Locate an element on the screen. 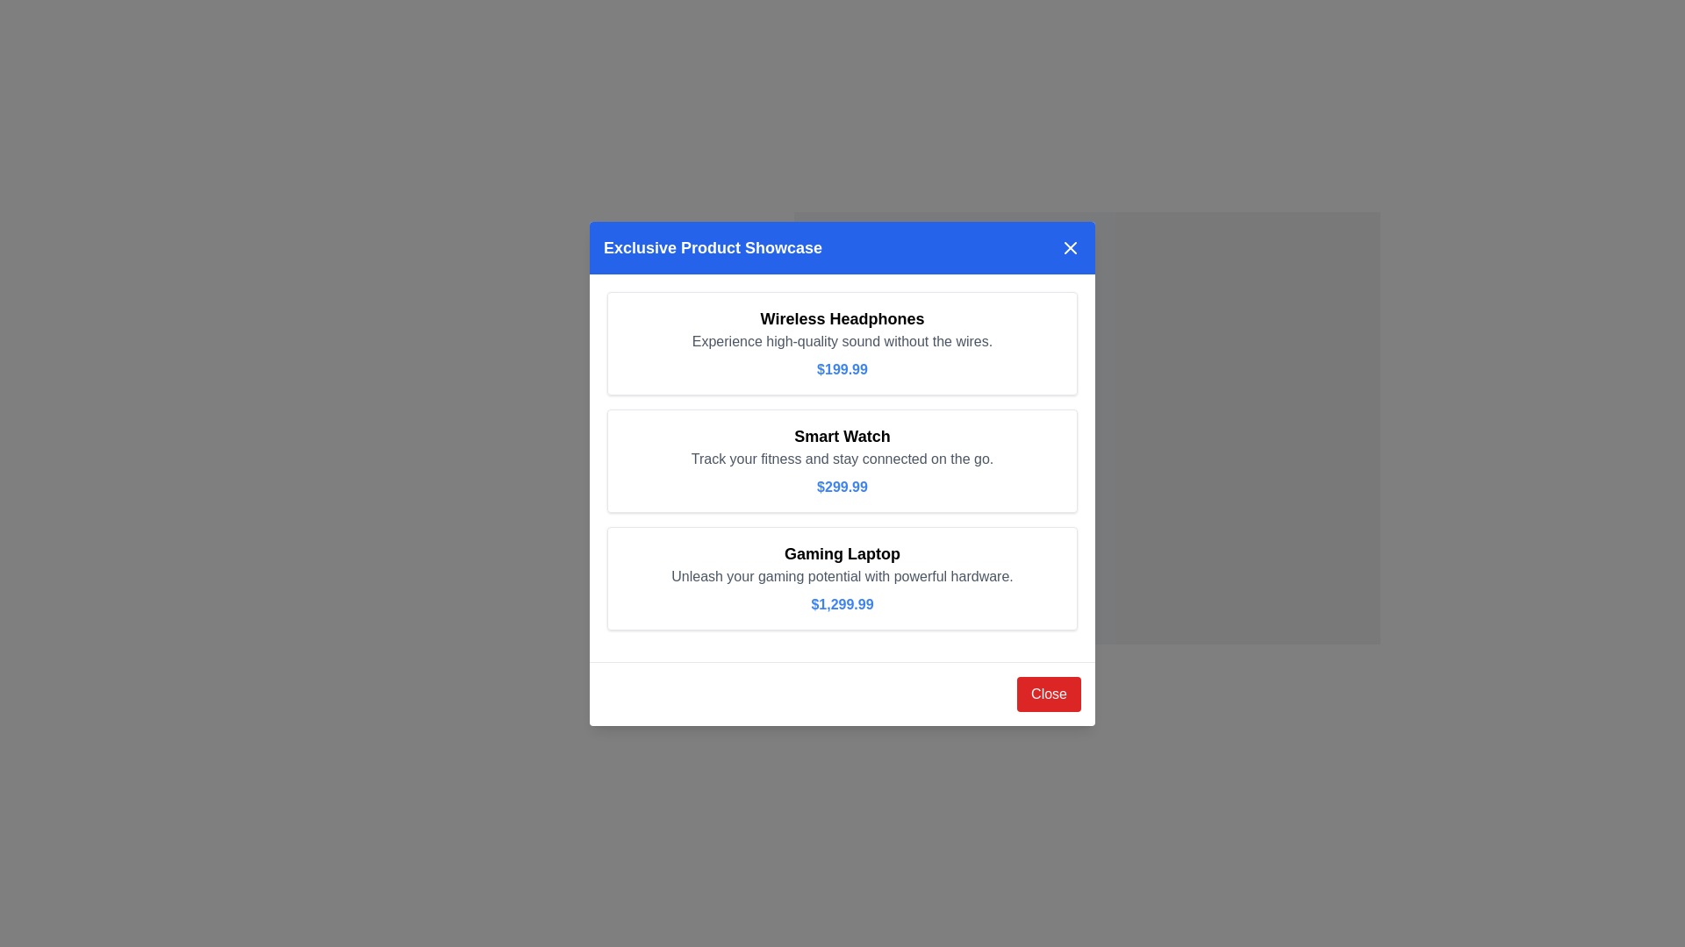 Image resolution: width=1685 pixels, height=947 pixels. the 'X' icon button in the top-right corner of the modal dialog is located at coordinates (1069, 247).